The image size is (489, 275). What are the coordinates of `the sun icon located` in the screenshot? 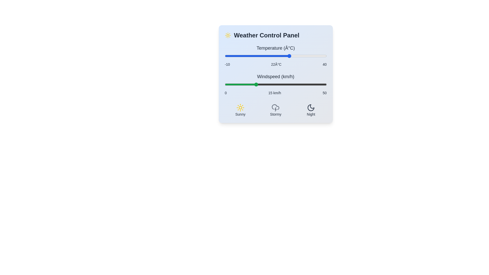 It's located at (227, 35).